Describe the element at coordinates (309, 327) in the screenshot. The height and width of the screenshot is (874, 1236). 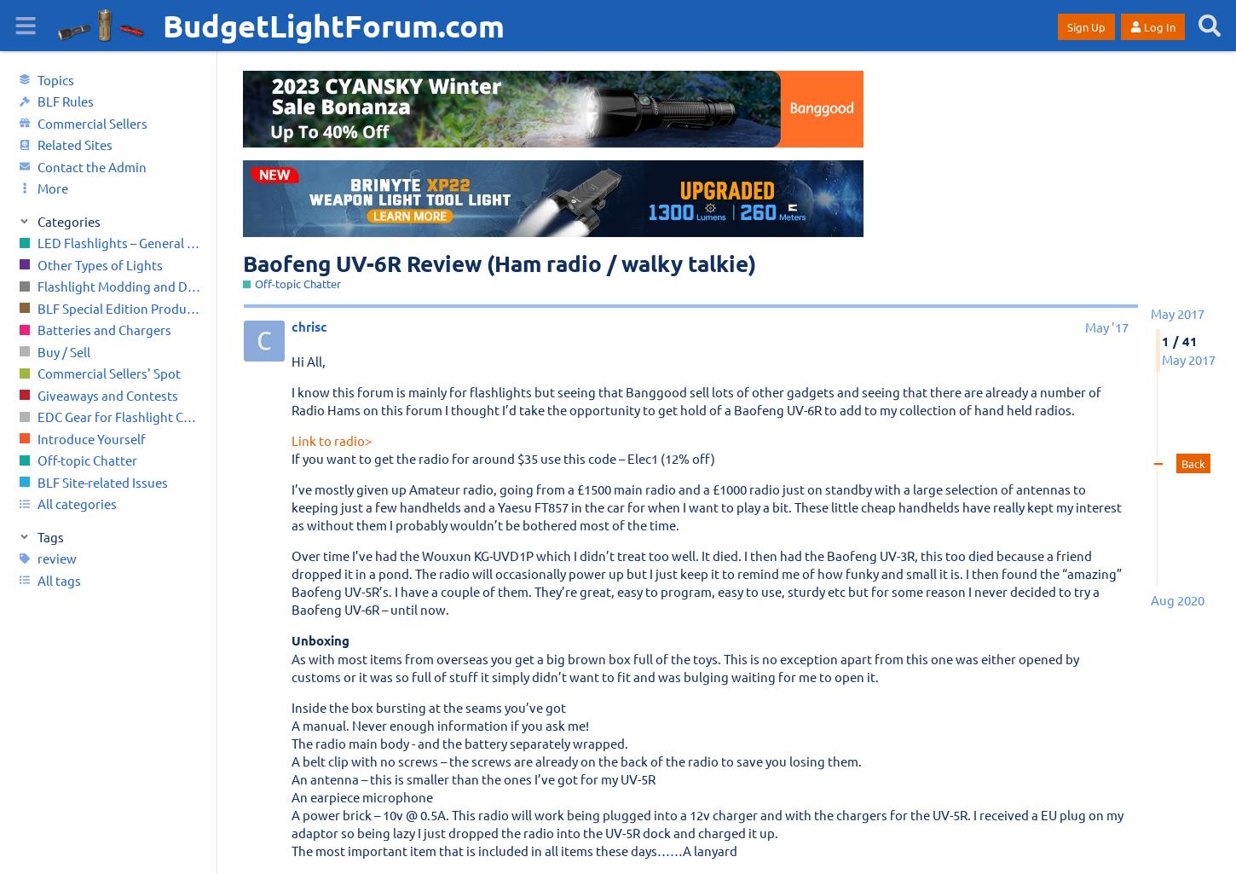
I see `'chrisc'` at that location.